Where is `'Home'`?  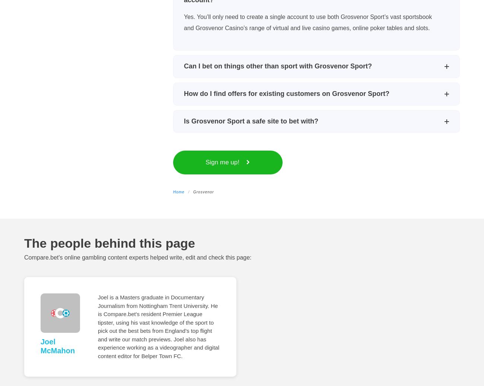 'Home' is located at coordinates (178, 192).